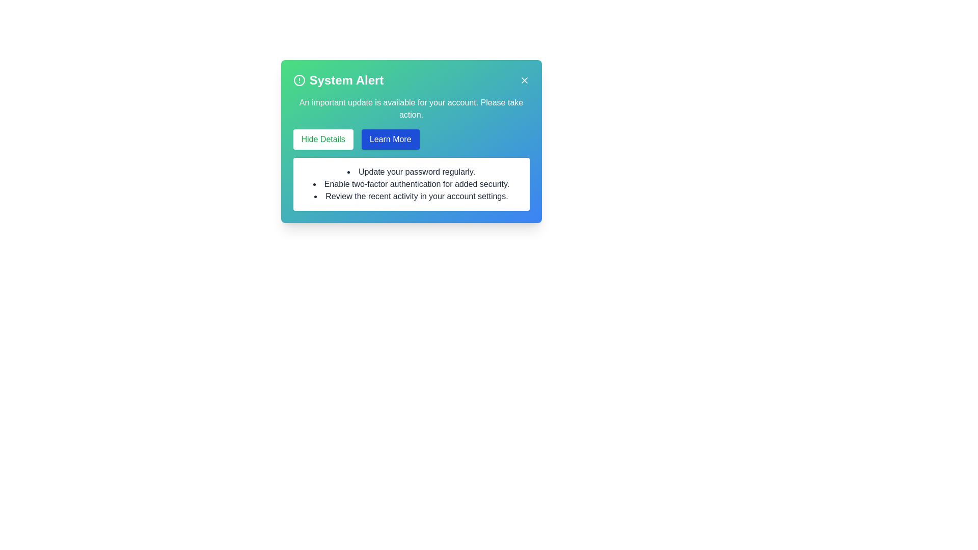 The height and width of the screenshot is (550, 978). I want to click on the text element that reads 'Review the recent activity in your account settings.' which is the third item in the ordered list inside the notification window, so click(411, 196).